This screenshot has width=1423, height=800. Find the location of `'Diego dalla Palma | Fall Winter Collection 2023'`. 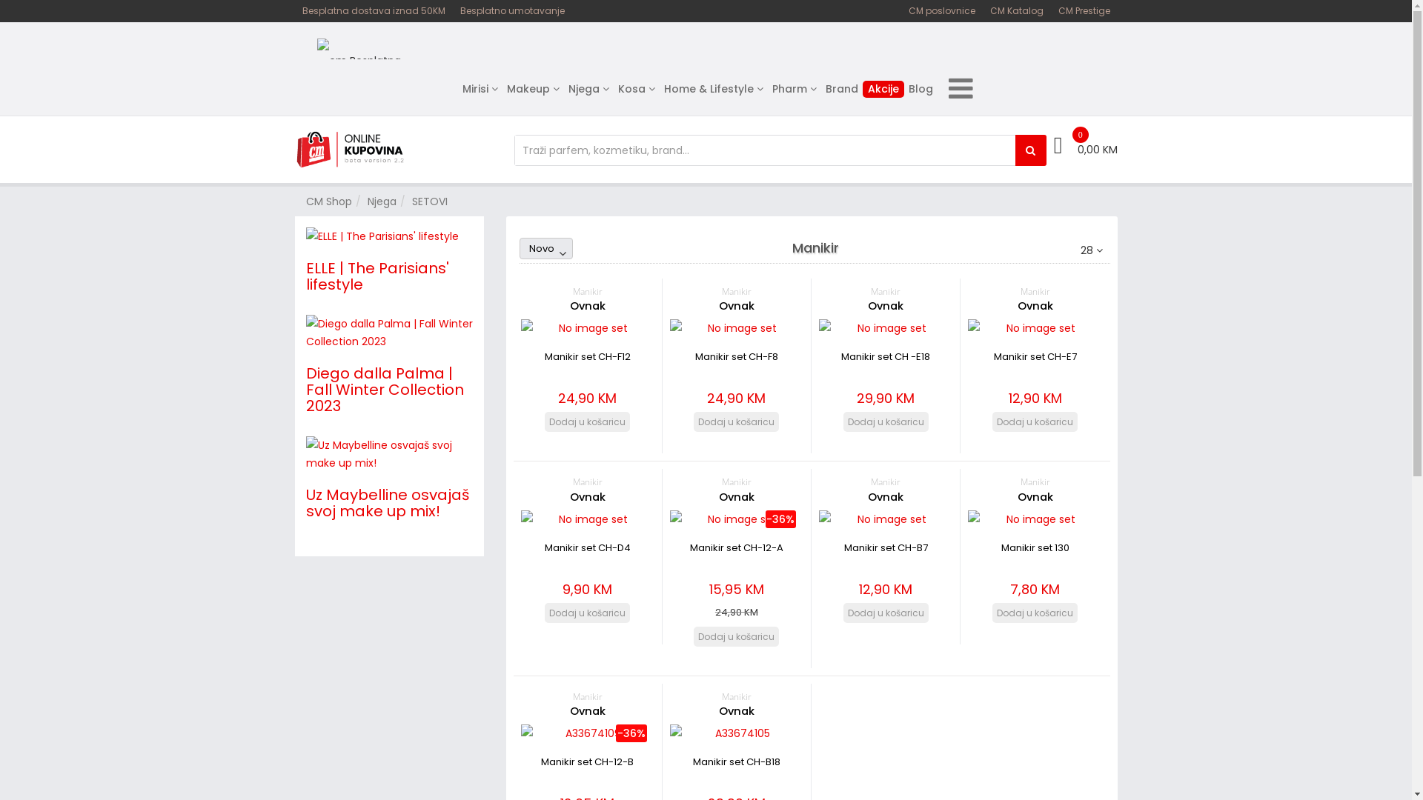

'Diego dalla Palma | Fall Winter Collection 2023' is located at coordinates (384, 388).